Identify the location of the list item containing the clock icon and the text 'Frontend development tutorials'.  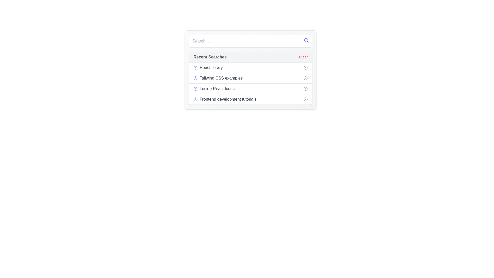
(225, 99).